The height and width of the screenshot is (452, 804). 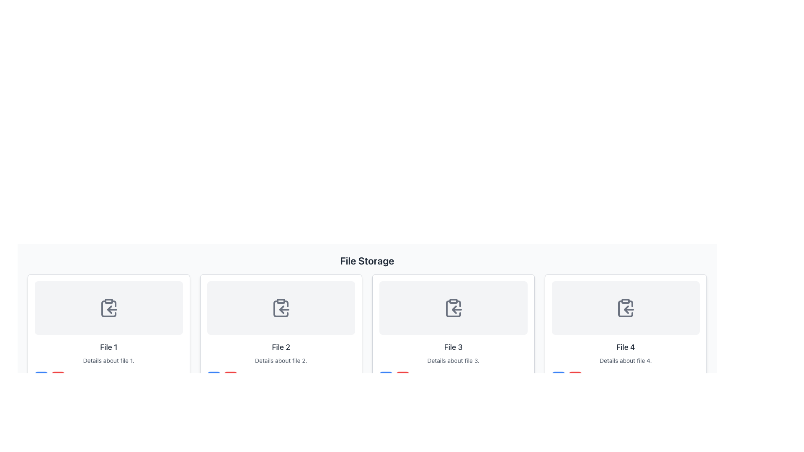 I want to click on the data storage icon located centrally in the 'File Storage' grid column to initiate the related functionality, so click(x=281, y=308).